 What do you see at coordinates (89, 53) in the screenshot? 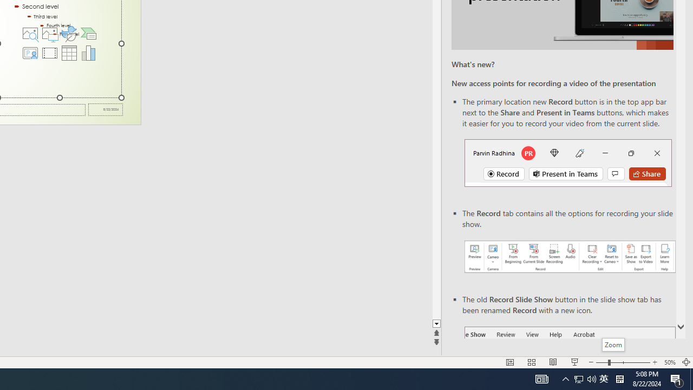
I see `'Insert Chart'` at bounding box center [89, 53].